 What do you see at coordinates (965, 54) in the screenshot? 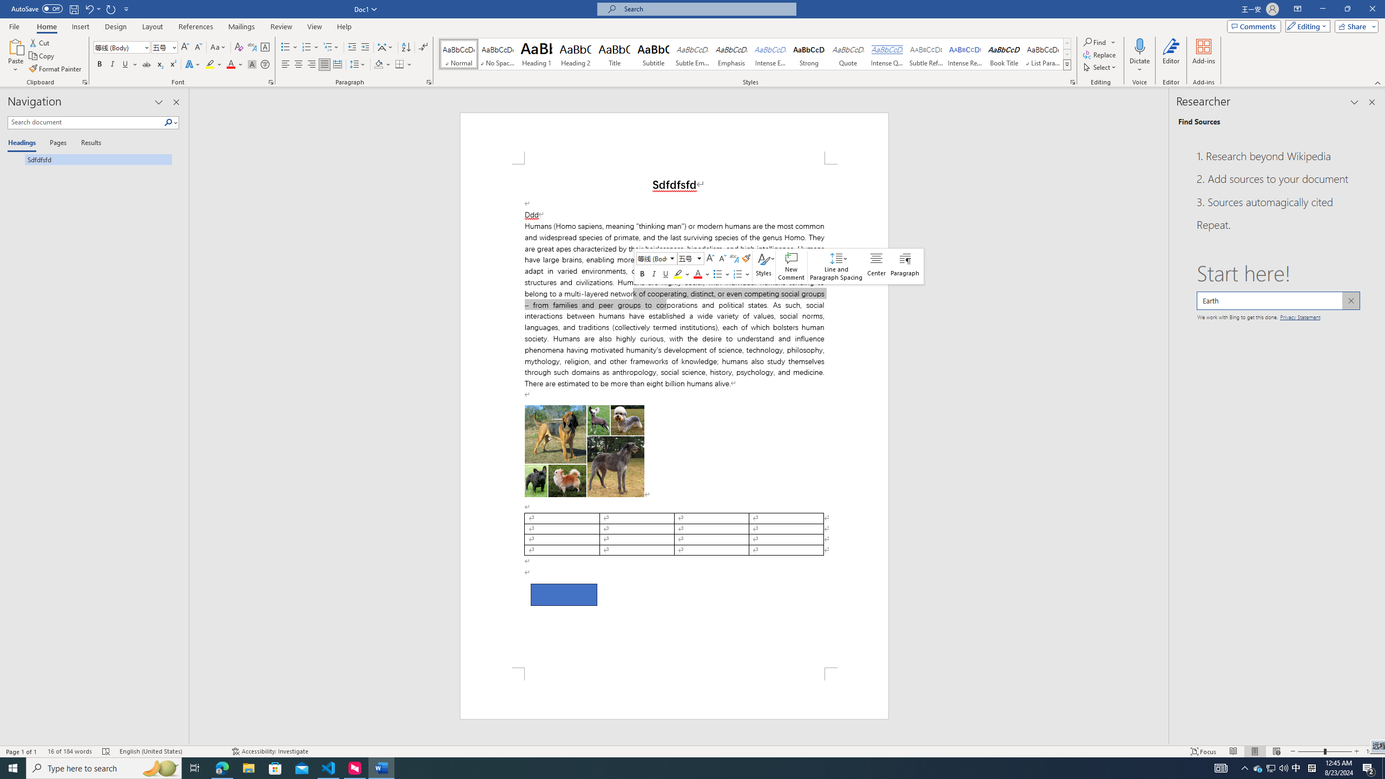
I see `'Intense Reference'` at bounding box center [965, 54].